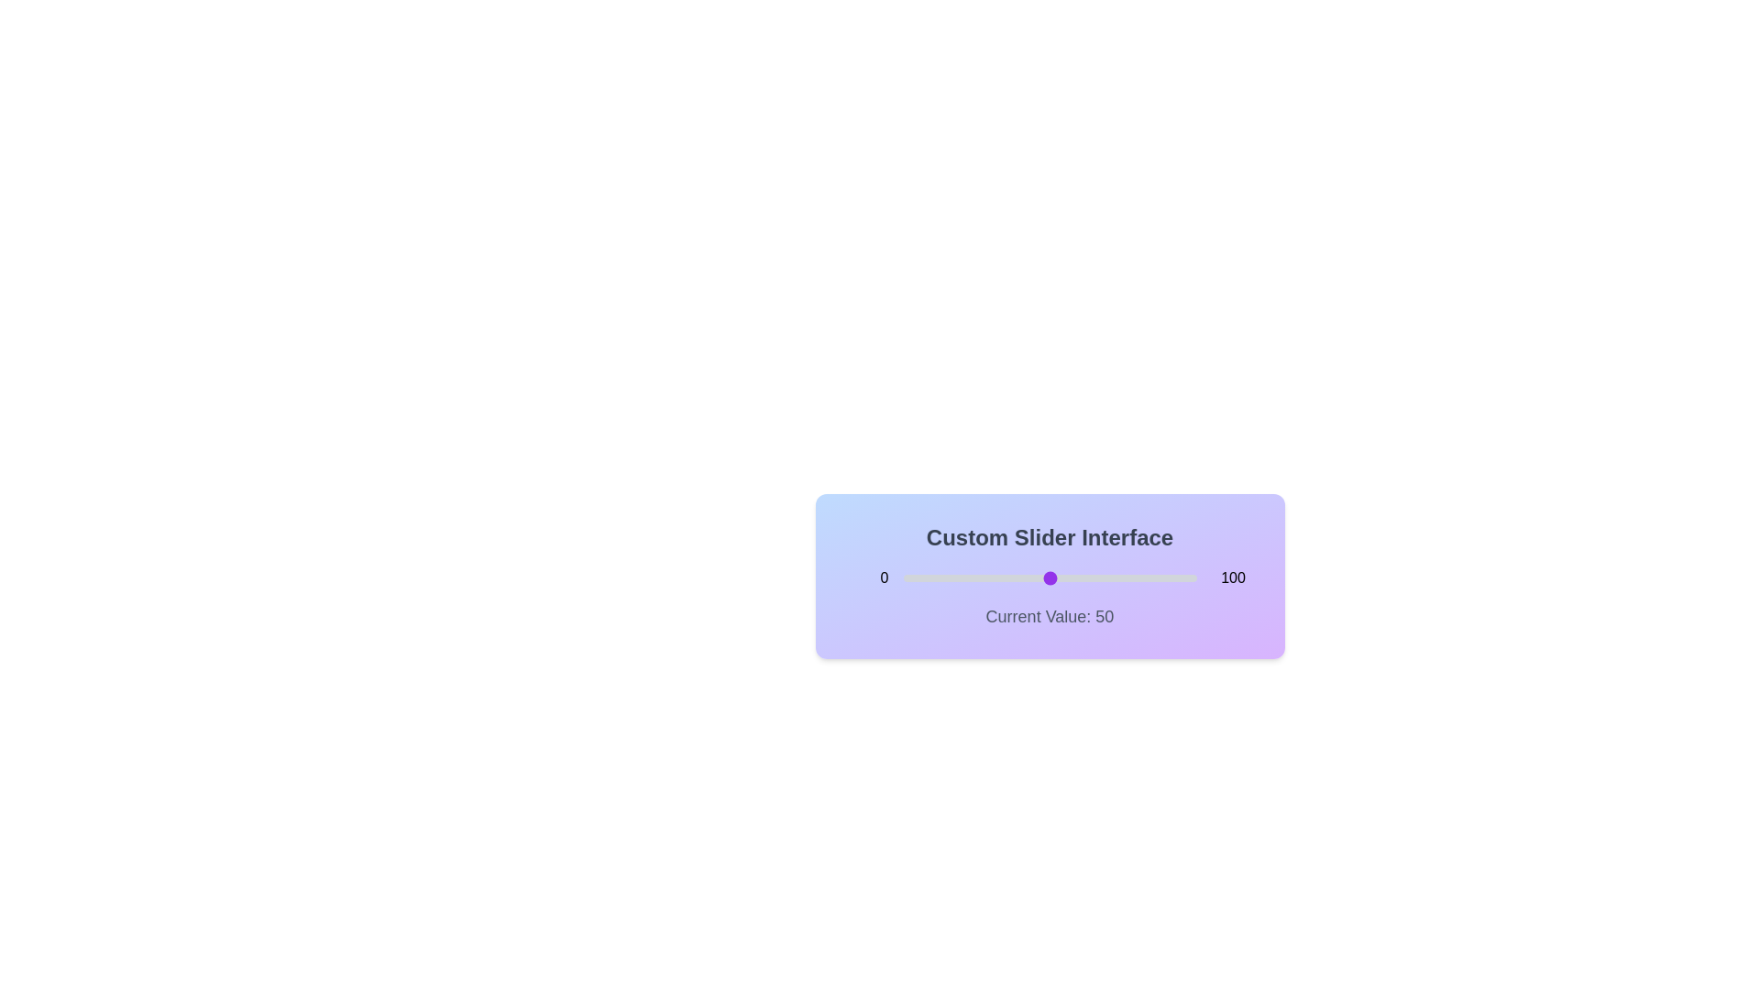 This screenshot has height=990, width=1760. Describe the element at coordinates (1050, 616) in the screenshot. I see `the text element labeled as 'Current Value: 50'` at that location.